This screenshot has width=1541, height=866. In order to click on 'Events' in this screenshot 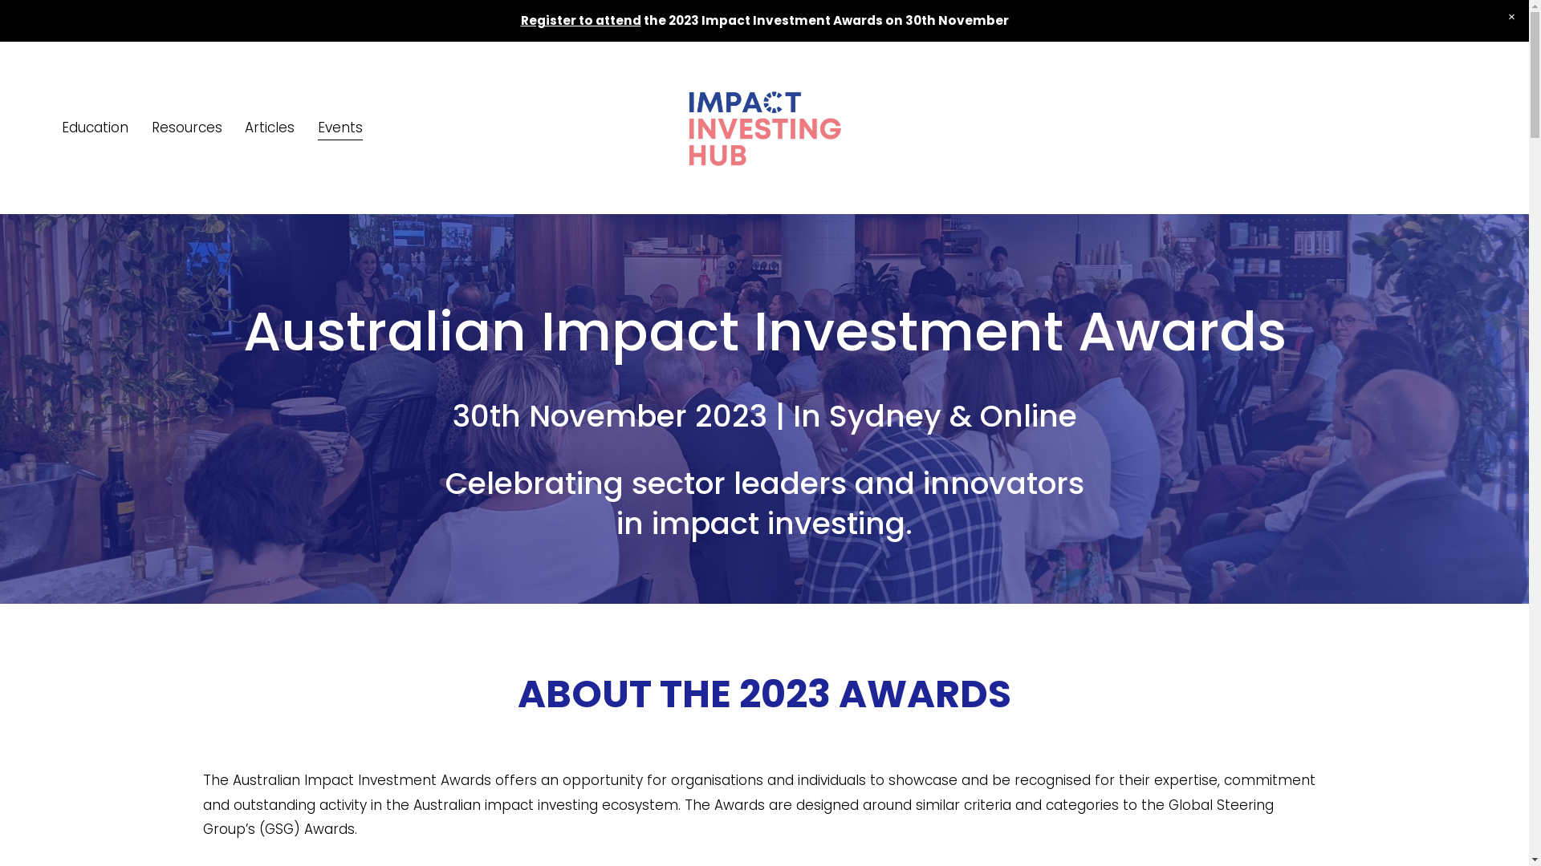, I will do `click(317, 127)`.